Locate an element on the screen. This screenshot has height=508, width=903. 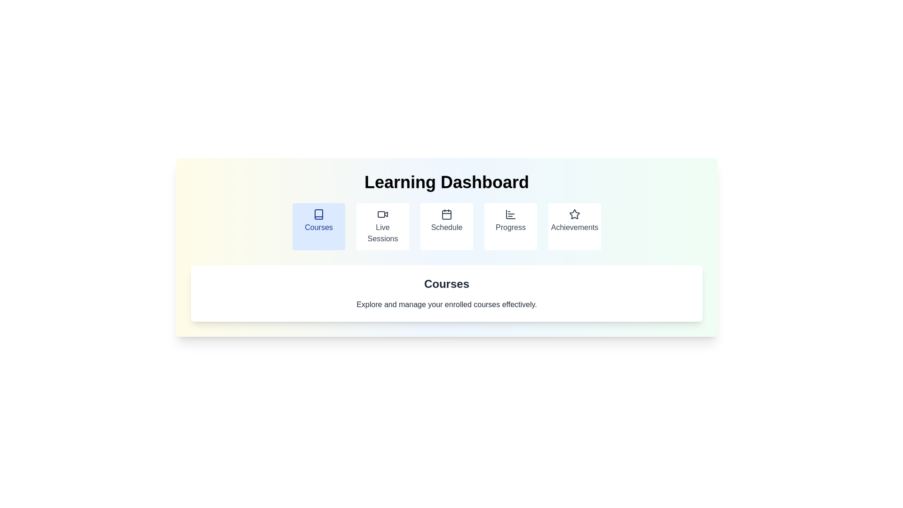
the calendar-like icon in the 'Schedule' section, which is the upper icon of the third tab in the horizontal navigation bar is located at coordinates (446, 214).